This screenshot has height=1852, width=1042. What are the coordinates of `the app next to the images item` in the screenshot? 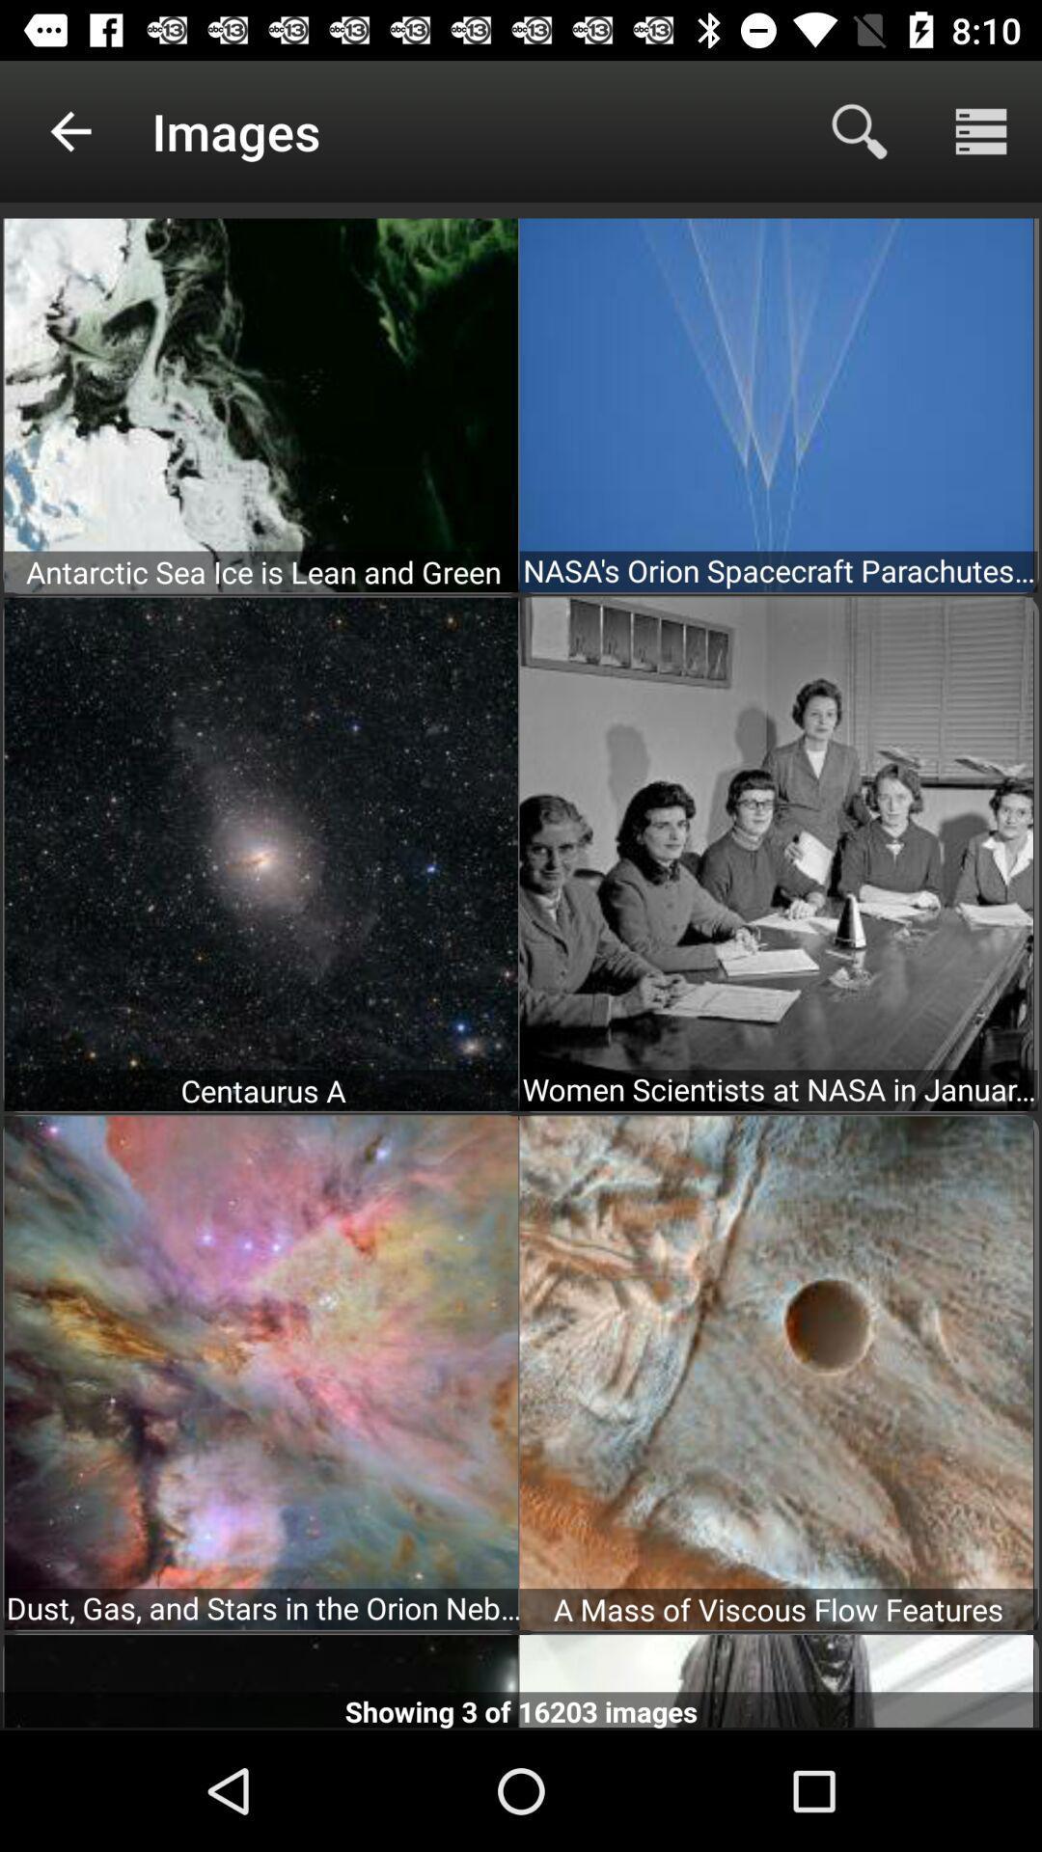 It's located at (859, 130).